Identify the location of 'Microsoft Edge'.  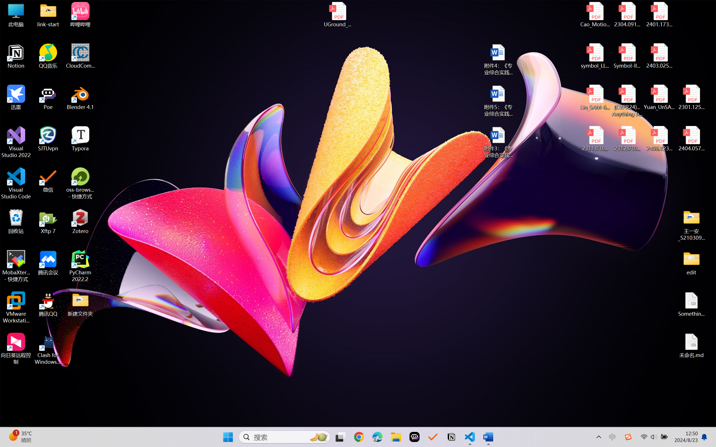
(377, 437).